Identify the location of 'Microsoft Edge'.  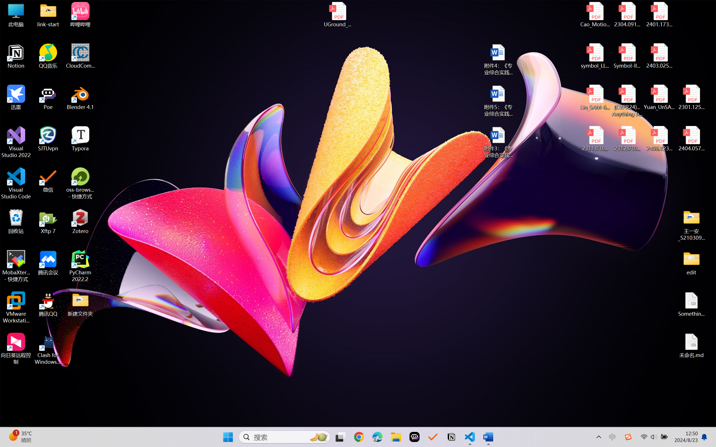
(377, 437).